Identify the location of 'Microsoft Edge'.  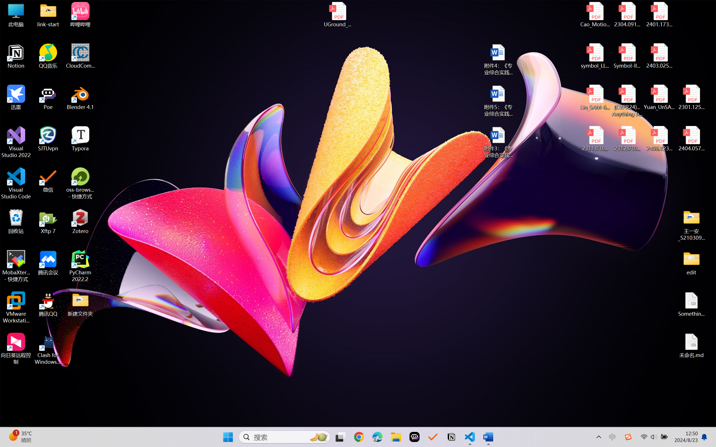
(377, 437).